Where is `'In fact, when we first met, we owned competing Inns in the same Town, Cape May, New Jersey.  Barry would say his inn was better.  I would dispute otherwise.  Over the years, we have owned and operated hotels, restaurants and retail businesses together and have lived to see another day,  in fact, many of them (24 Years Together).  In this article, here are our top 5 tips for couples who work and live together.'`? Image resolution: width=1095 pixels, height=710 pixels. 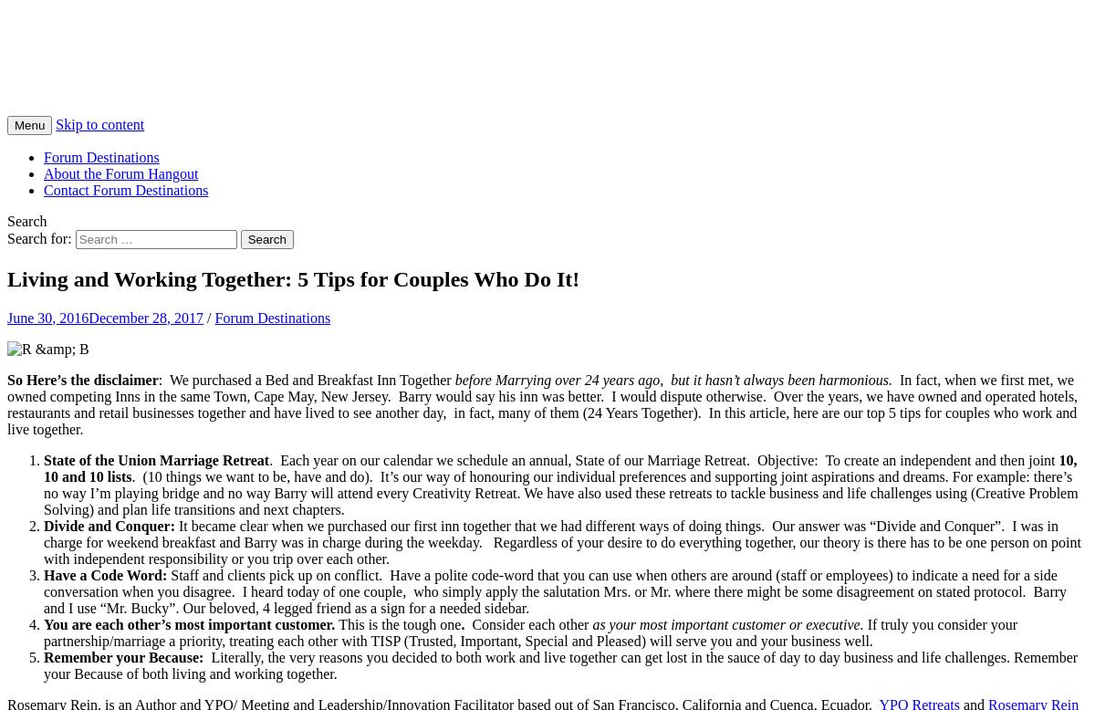 'In fact, when we first met, we owned competing Inns in the same Town, Cape May, New Jersey.  Barry would say his inn was better.  I would dispute otherwise.  Over the years, we have owned and operated hotels, restaurants and retail businesses together and have lived to see another day,  in fact, many of them (24 Years Together).  In this article, here are our top 5 tips for couples who work and live together.' is located at coordinates (541, 403).